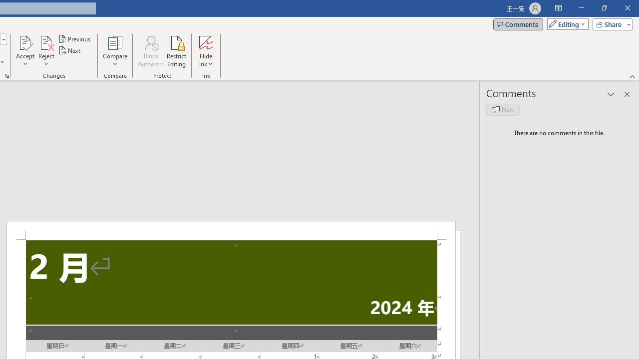  I want to click on 'Block Authors', so click(150, 42).